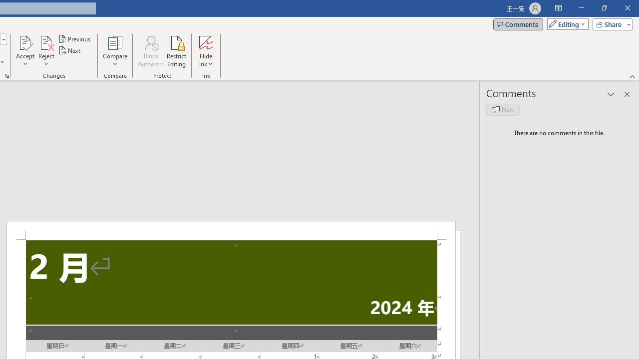  I want to click on 'Block Authors', so click(150, 42).